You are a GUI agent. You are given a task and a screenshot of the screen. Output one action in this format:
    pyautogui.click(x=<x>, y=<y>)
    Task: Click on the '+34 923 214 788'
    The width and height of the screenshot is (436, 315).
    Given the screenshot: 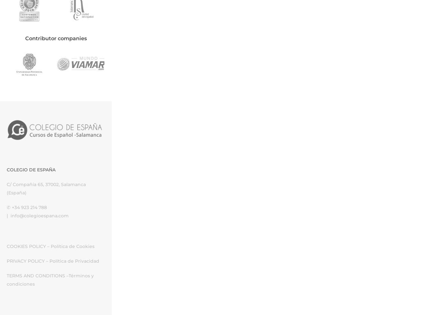 What is the action you would take?
    pyautogui.click(x=29, y=207)
    